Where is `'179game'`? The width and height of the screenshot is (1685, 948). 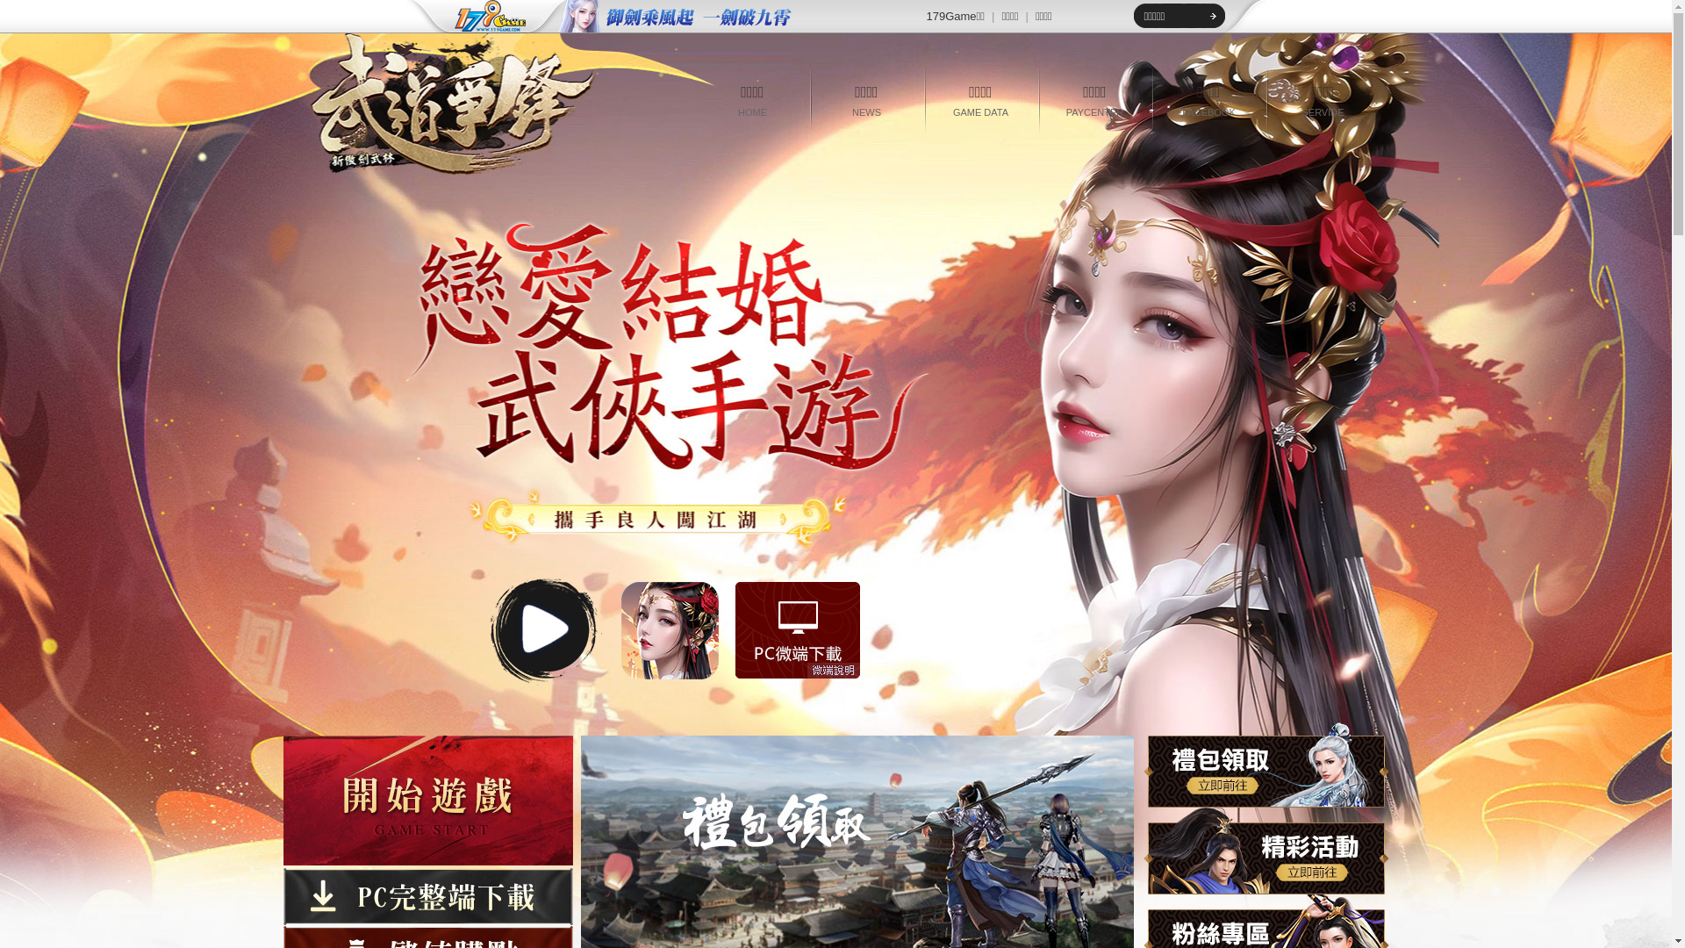
'179game' is located at coordinates (477, 17).